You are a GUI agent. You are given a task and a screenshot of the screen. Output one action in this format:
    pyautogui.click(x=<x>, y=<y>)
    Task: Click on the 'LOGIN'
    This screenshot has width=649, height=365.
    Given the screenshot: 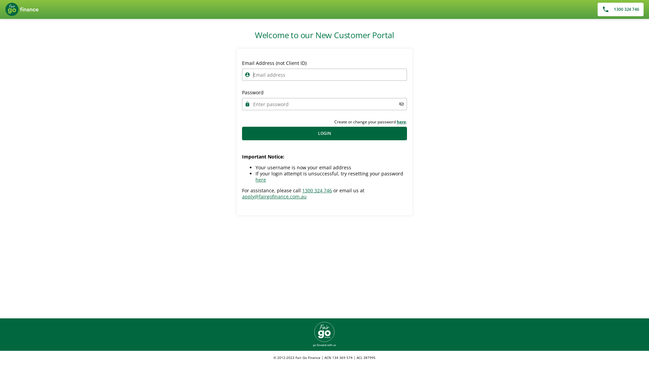 What is the action you would take?
    pyautogui.click(x=324, y=133)
    